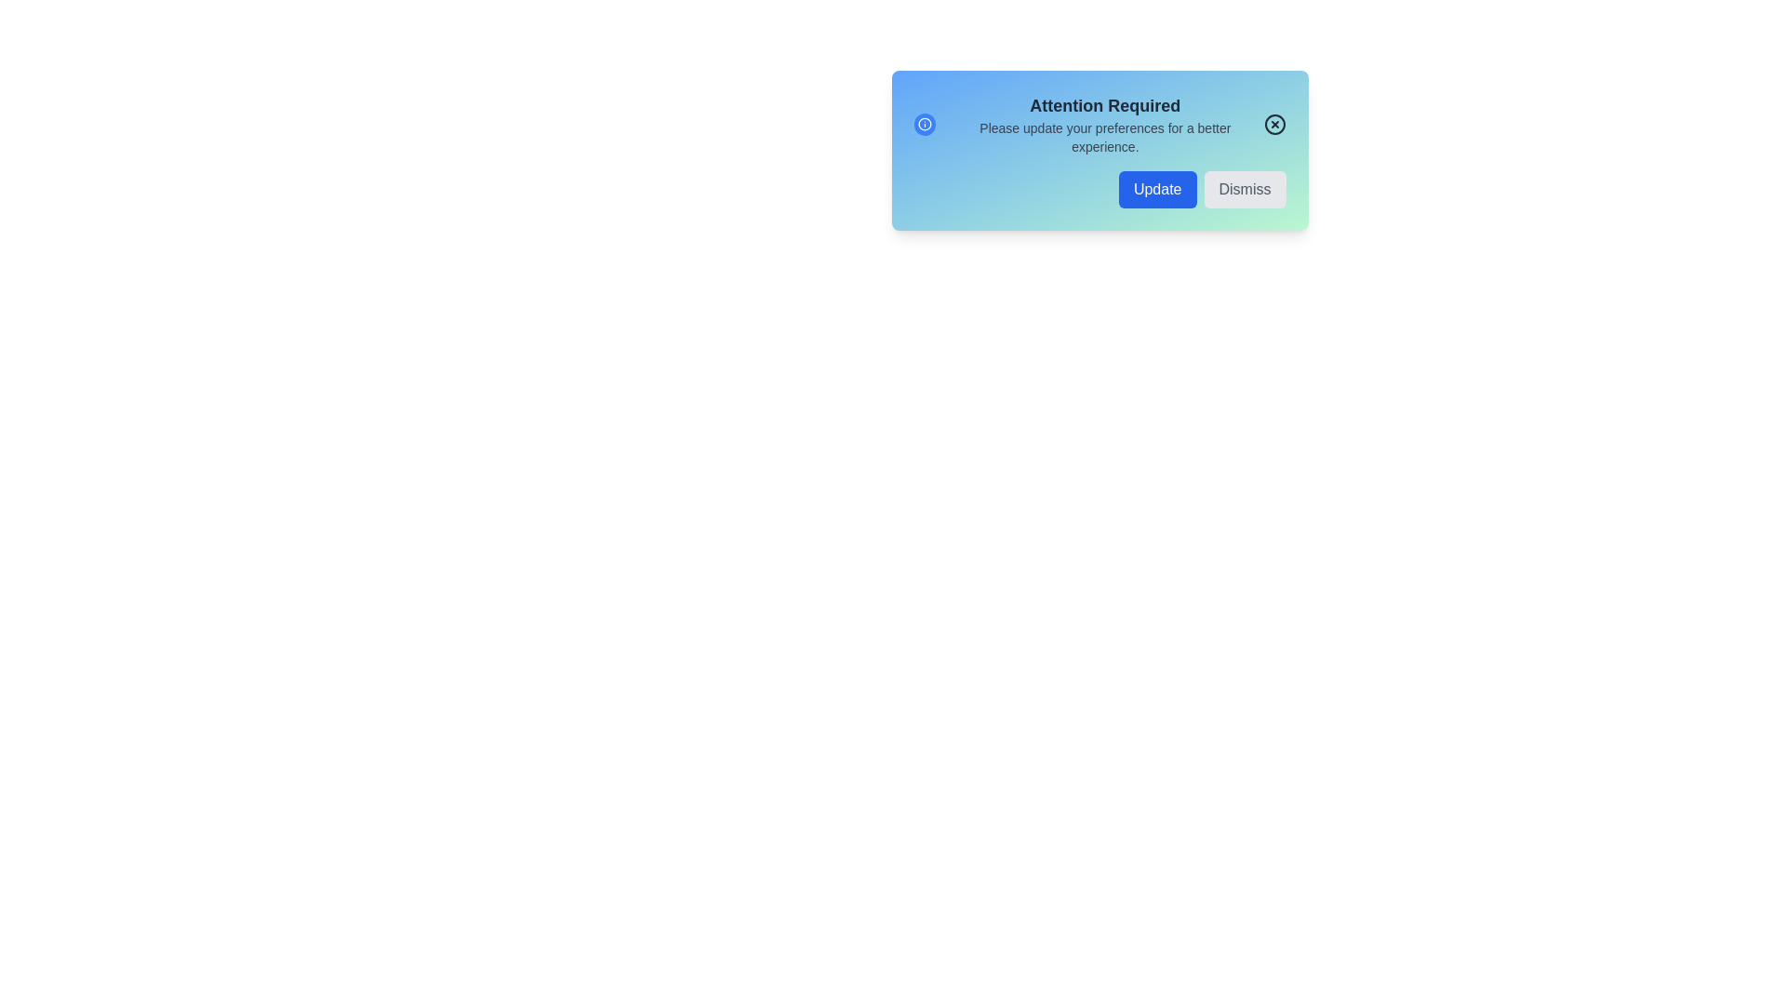 This screenshot has width=1786, height=1005. I want to click on the text 'Attention Required' to highlight it, so click(1105, 106).